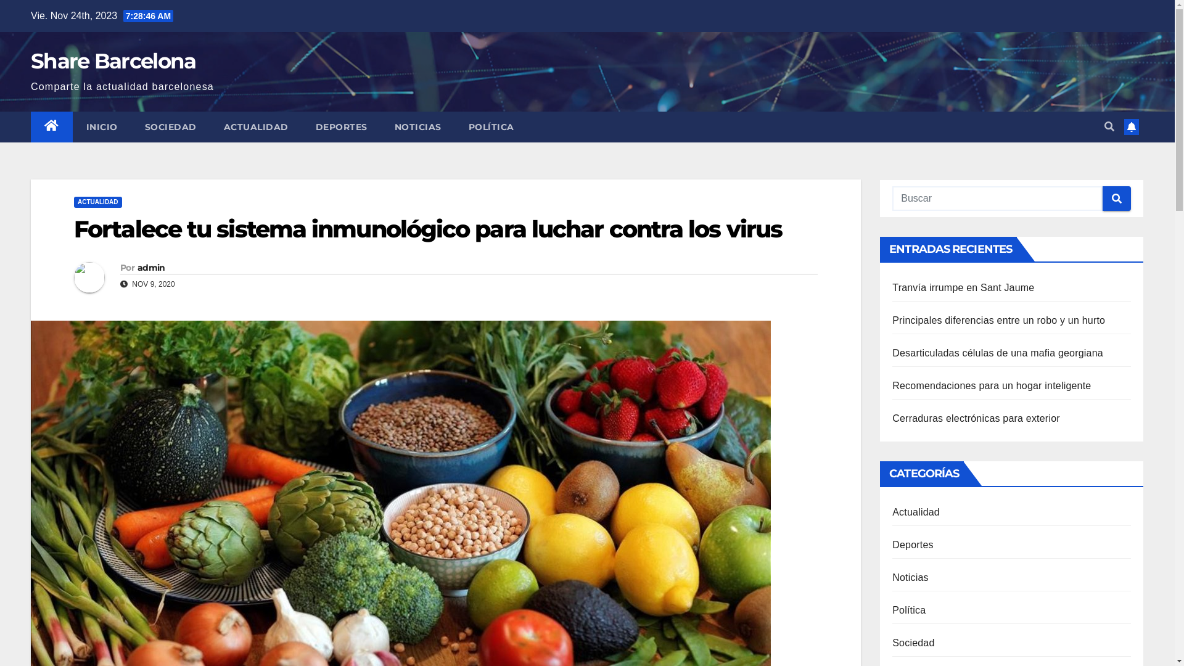  I want to click on 'Noticias', so click(910, 577).